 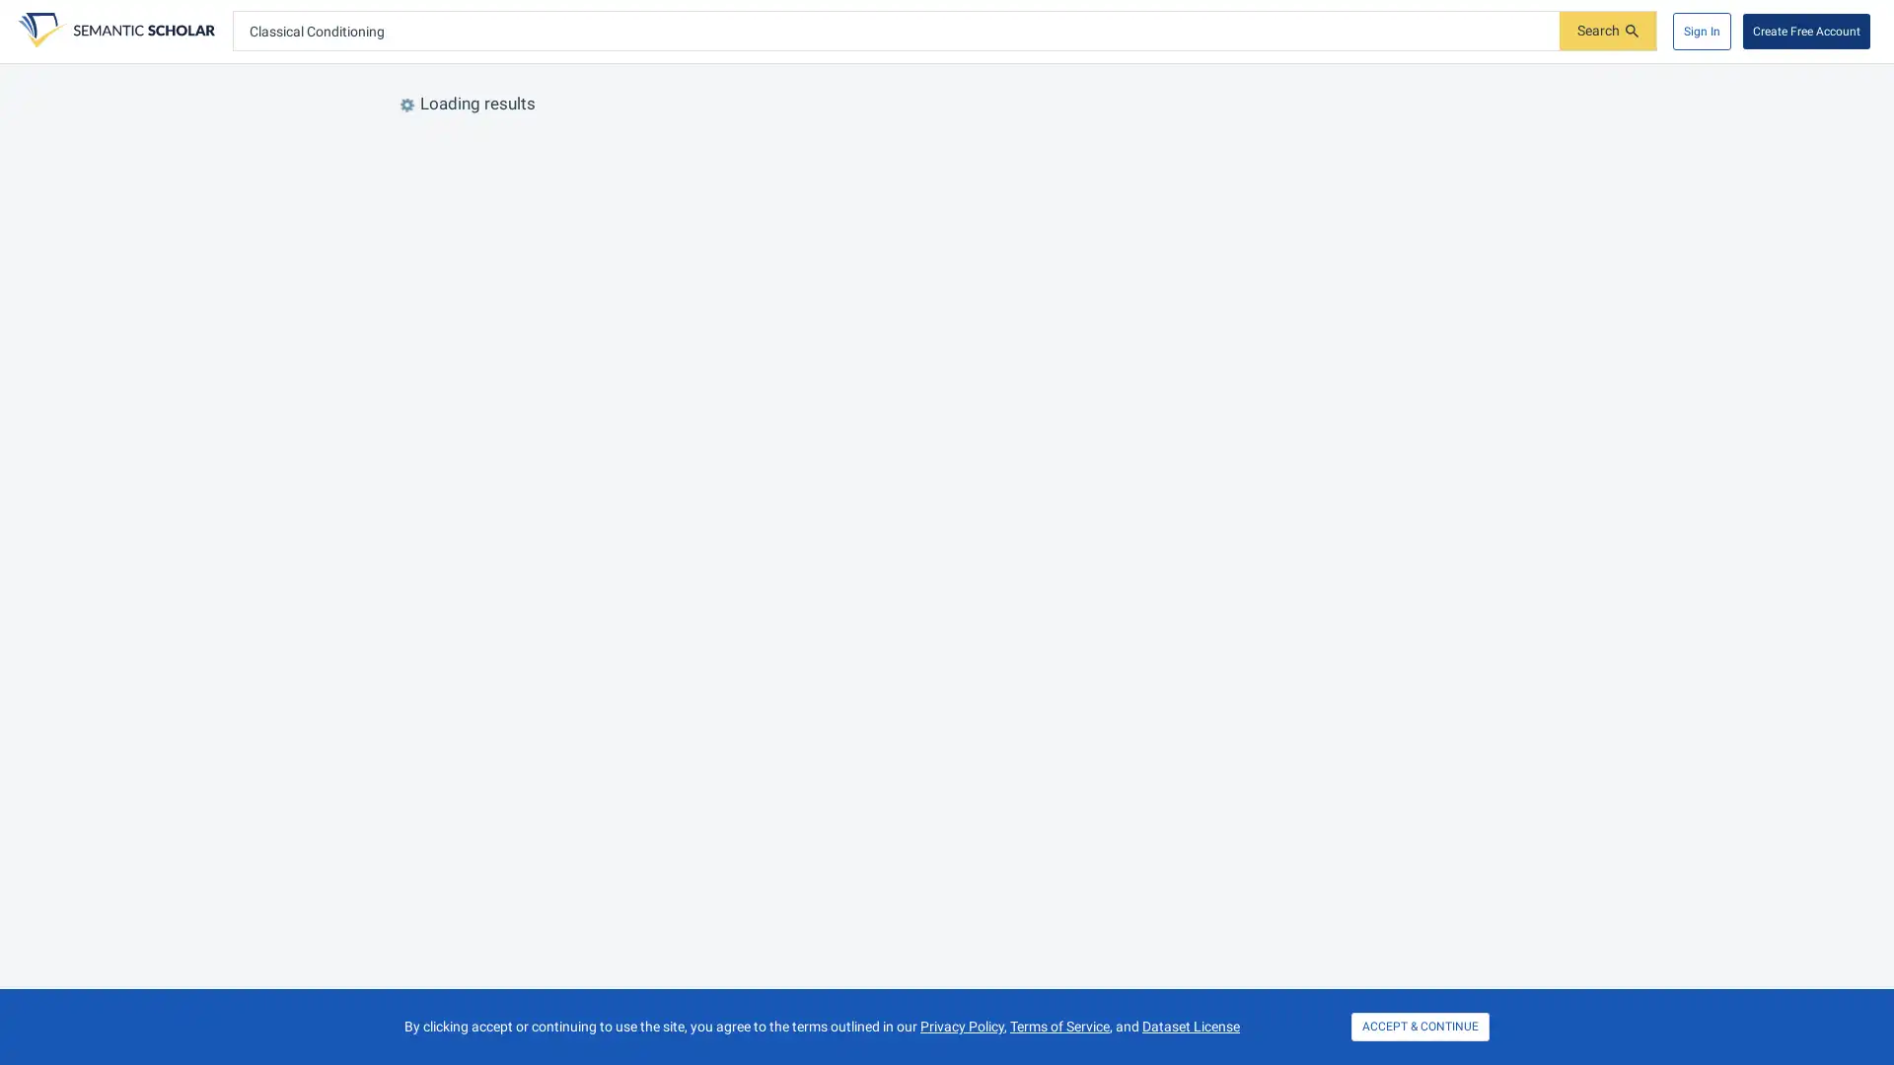 I want to click on Cite this paper, so click(x=647, y=877).